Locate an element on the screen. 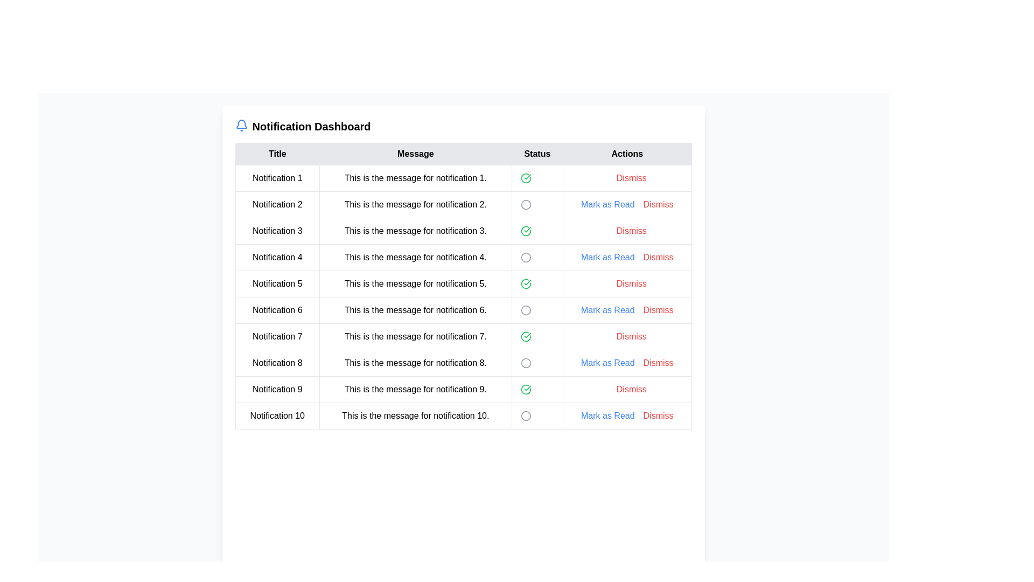  unread status notification icon located in the 'Status' column of the notification dashboard table for Notification 8 is located at coordinates (526, 363).